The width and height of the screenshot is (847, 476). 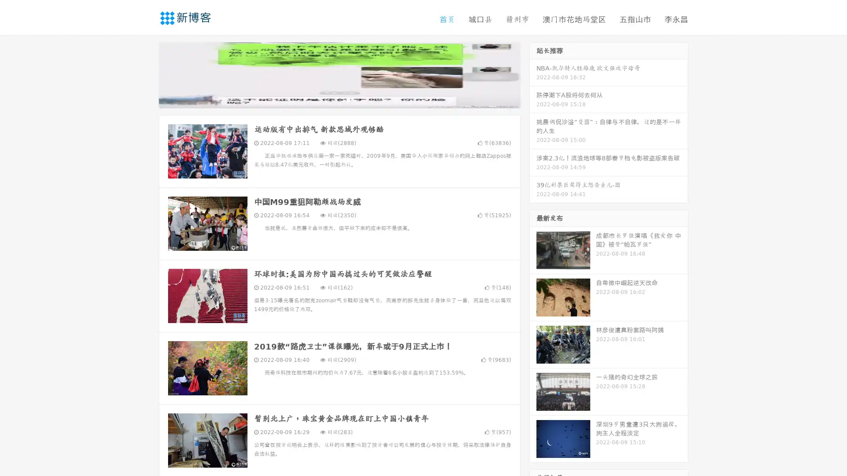 I want to click on Go to slide 1, so click(x=330, y=99).